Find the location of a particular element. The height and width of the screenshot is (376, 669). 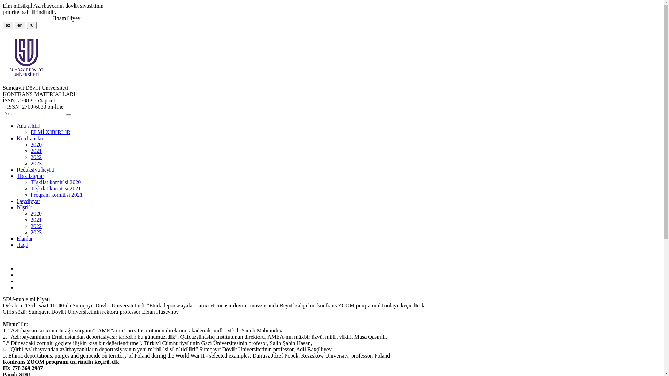

'2021' is located at coordinates (36, 220).